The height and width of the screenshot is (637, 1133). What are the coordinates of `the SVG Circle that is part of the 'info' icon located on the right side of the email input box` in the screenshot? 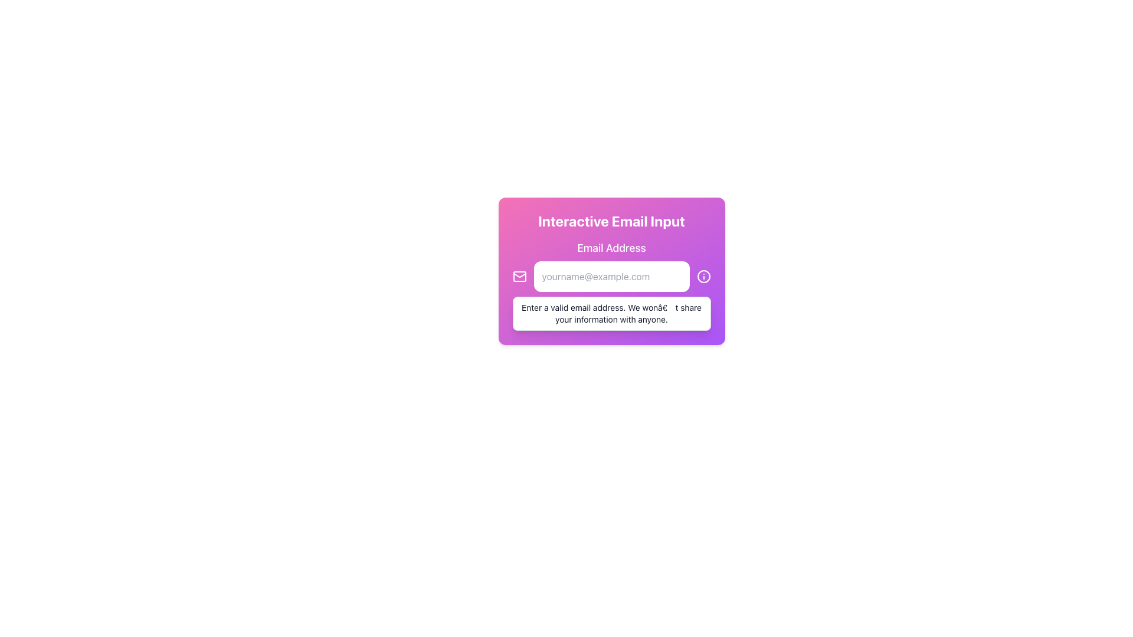 It's located at (703, 277).